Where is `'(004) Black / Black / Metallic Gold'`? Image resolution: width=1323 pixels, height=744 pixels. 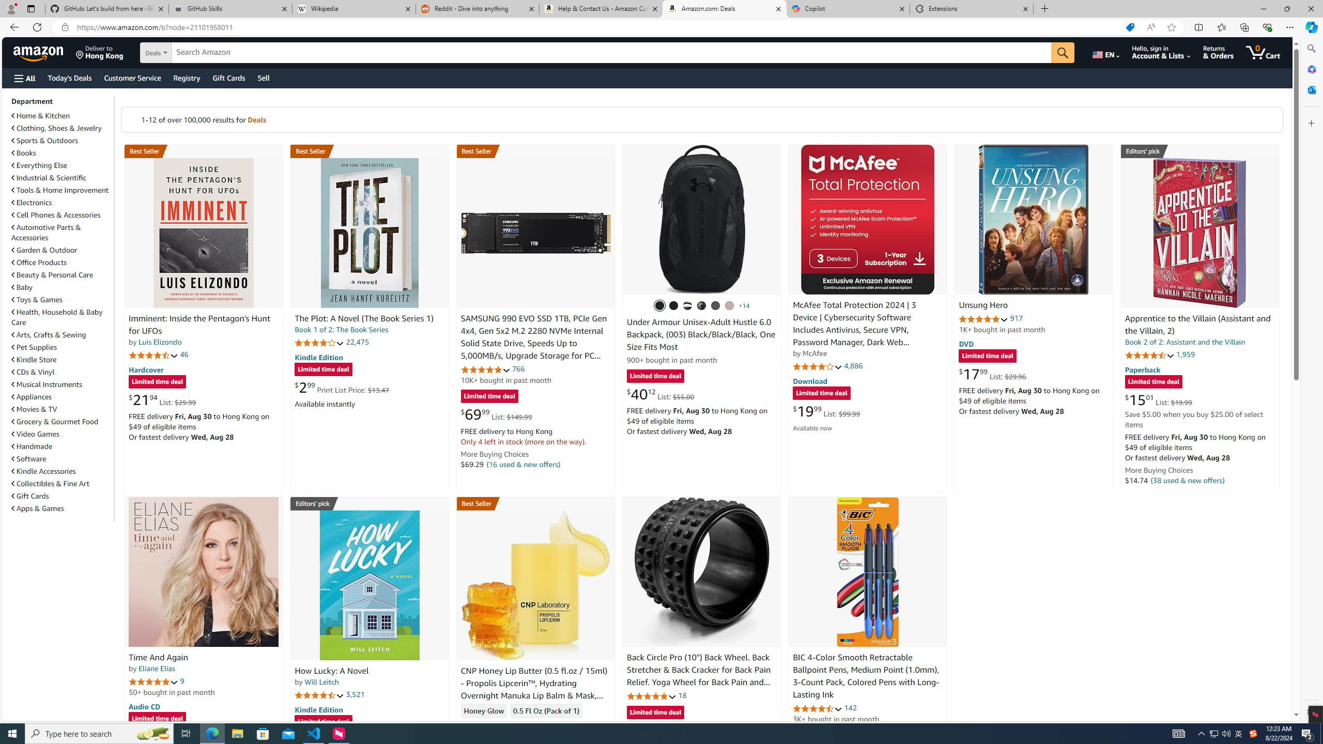 '(004) Black / Black / Metallic Gold' is located at coordinates (701, 305).